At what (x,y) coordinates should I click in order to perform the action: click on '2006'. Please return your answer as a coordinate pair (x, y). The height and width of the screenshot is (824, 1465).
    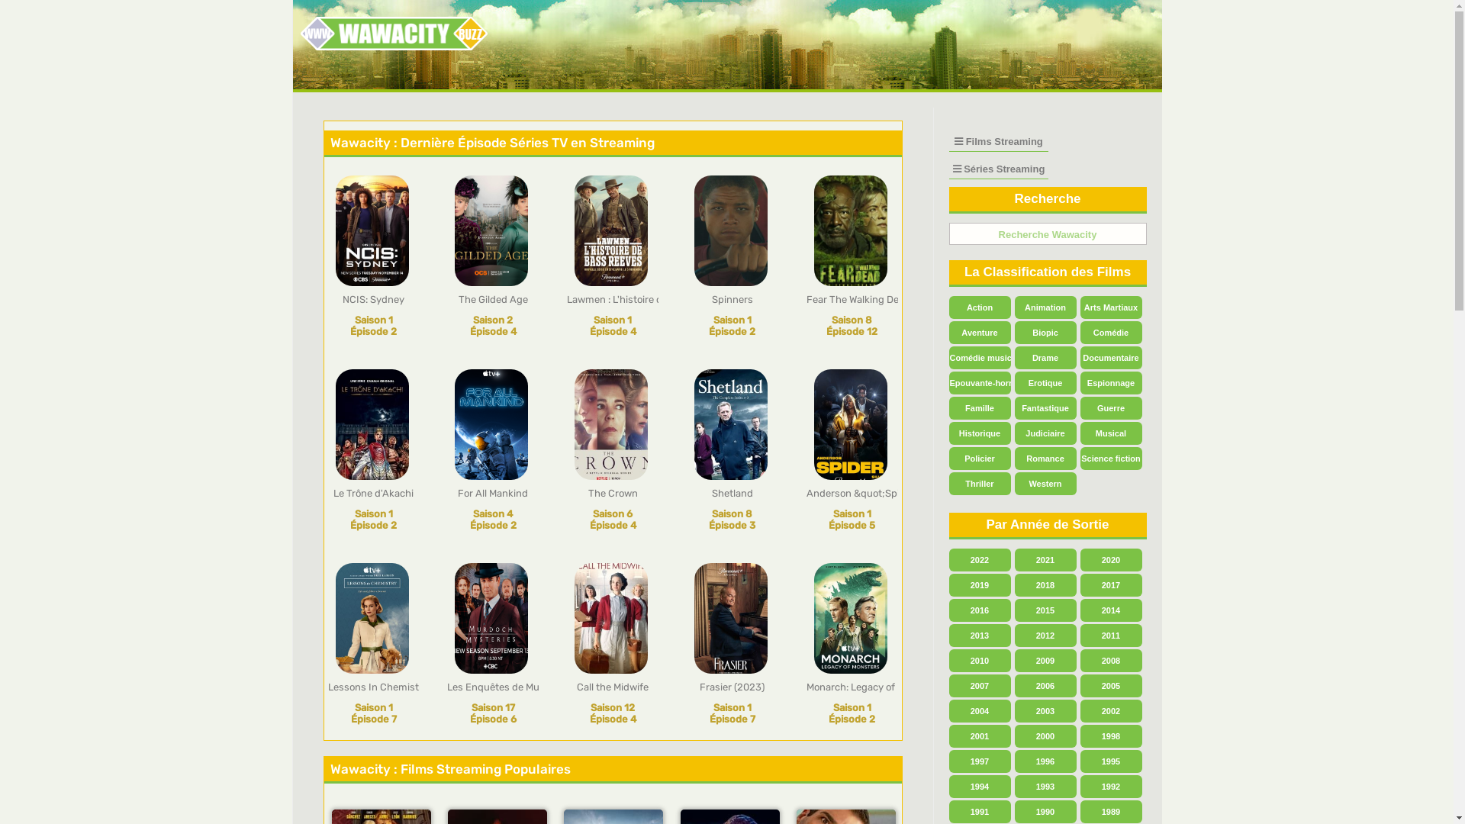
    Looking at the image, I should click on (1045, 684).